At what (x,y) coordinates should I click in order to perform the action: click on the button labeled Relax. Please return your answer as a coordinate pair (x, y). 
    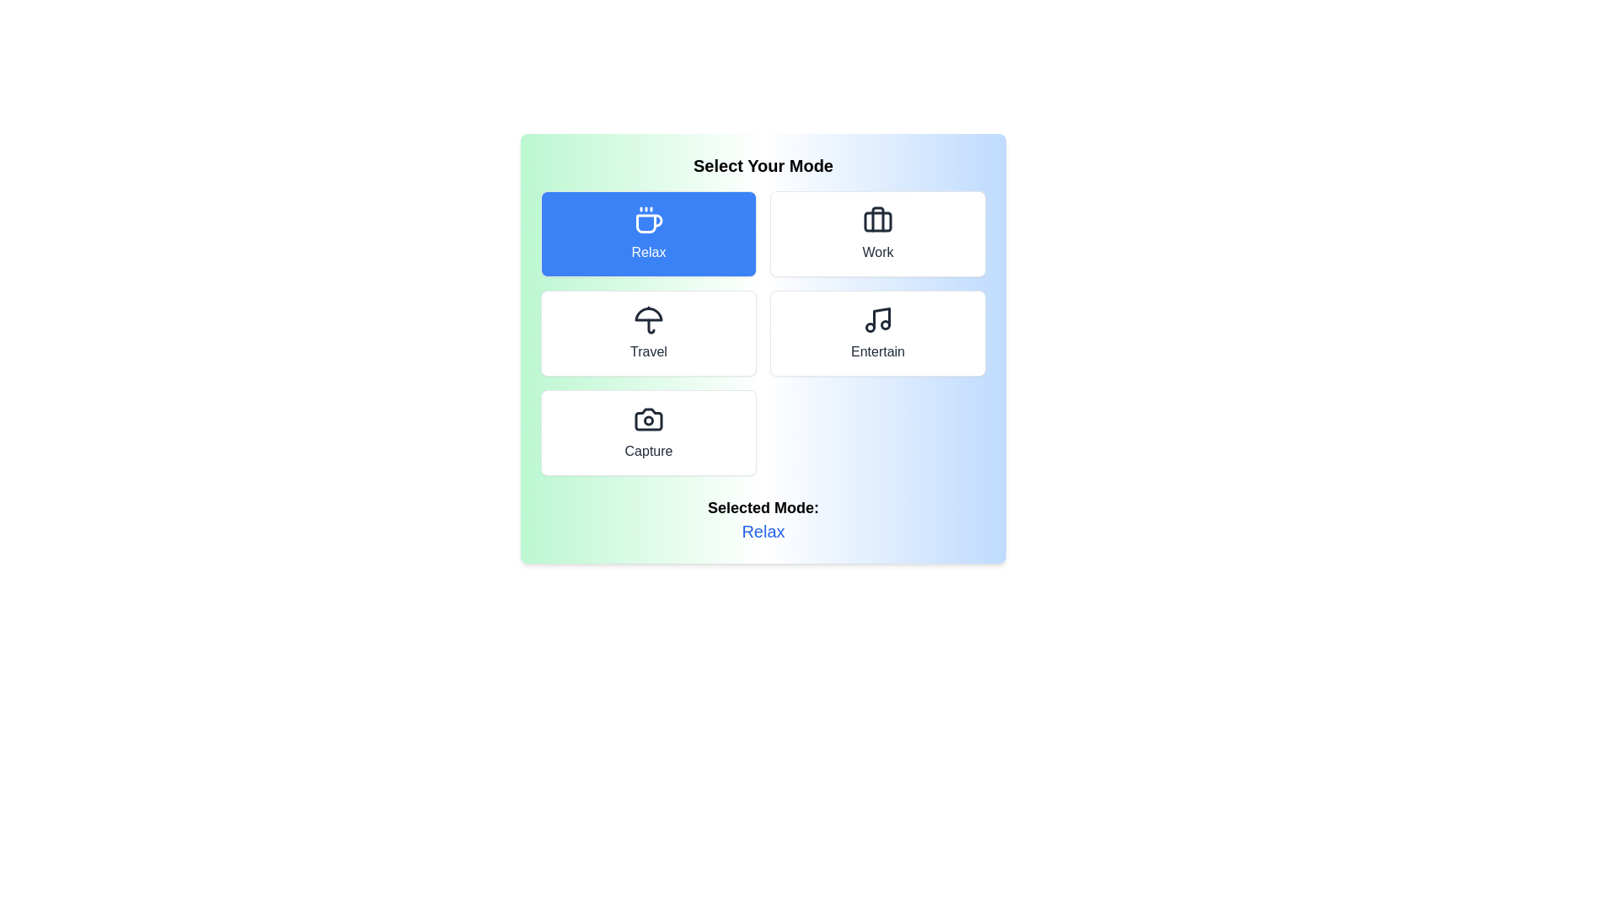
    Looking at the image, I should click on (647, 233).